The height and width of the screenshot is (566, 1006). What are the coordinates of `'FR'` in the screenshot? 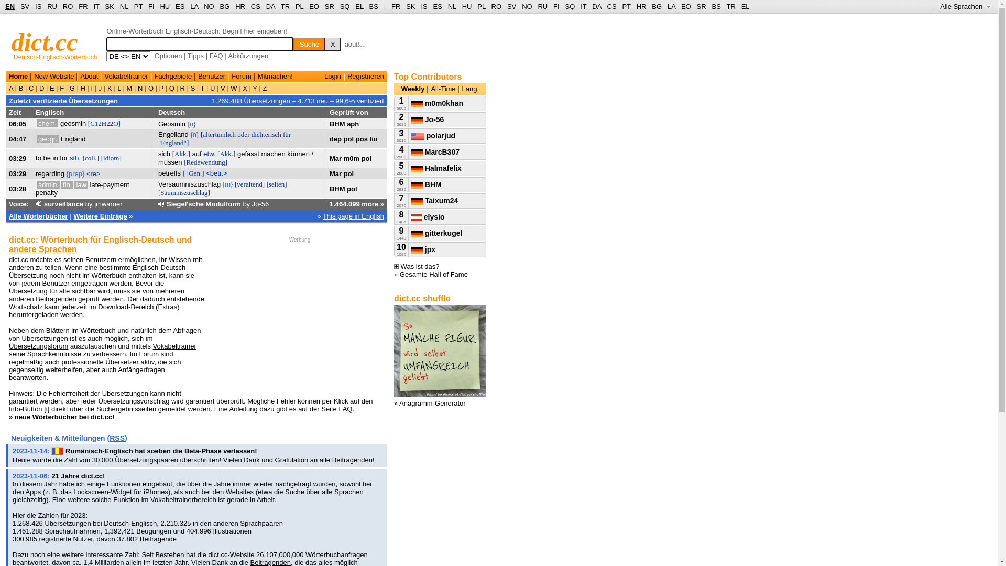 It's located at (391, 6).